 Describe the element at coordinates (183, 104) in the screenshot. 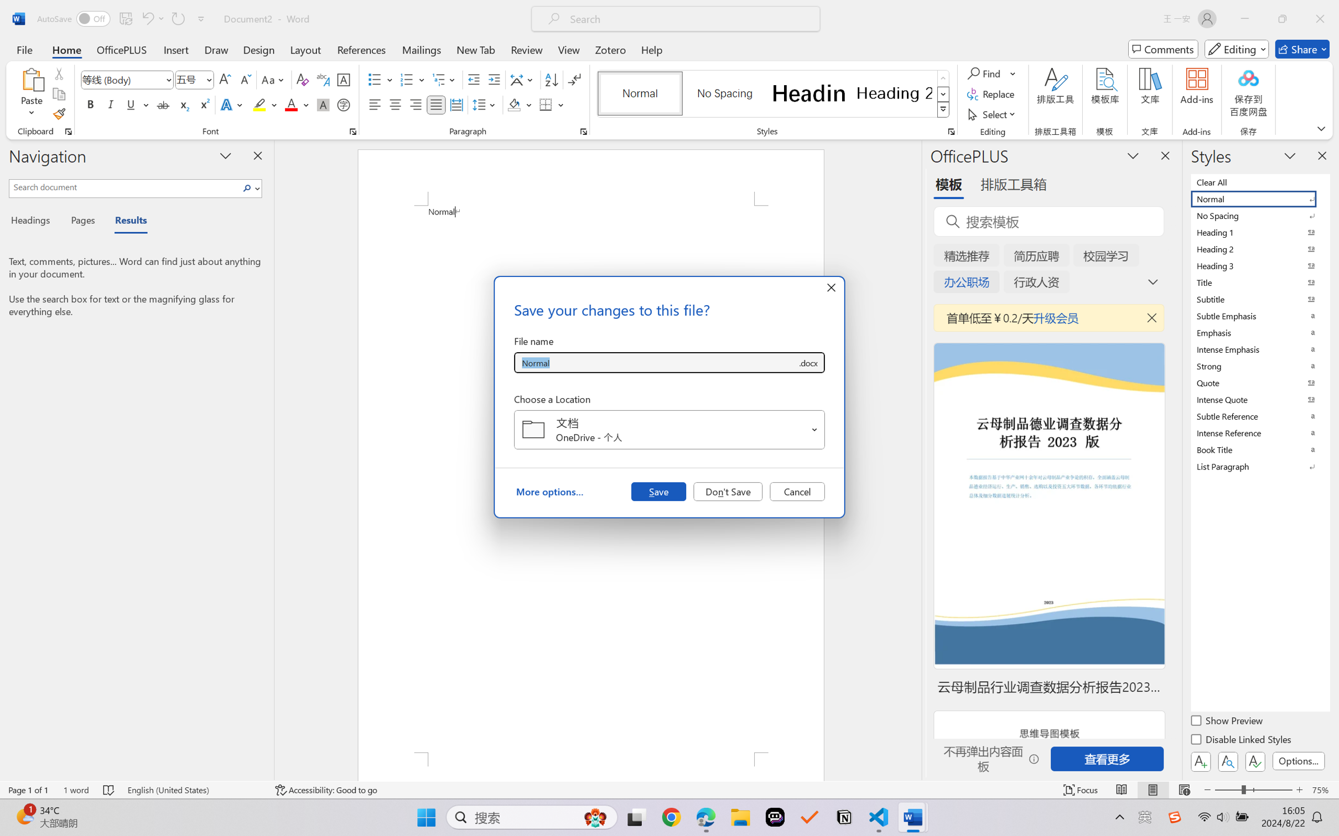

I see `'Subscript'` at that location.